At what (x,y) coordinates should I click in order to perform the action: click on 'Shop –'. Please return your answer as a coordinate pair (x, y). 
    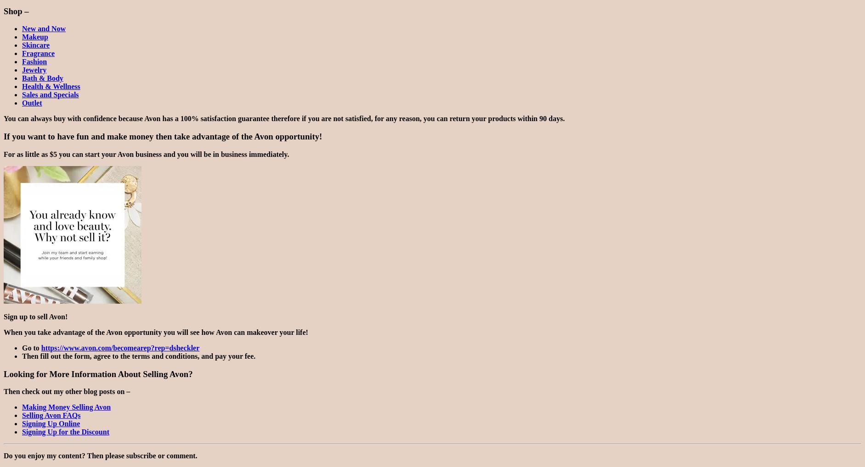
    Looking at the image, I should click on (16, 10).